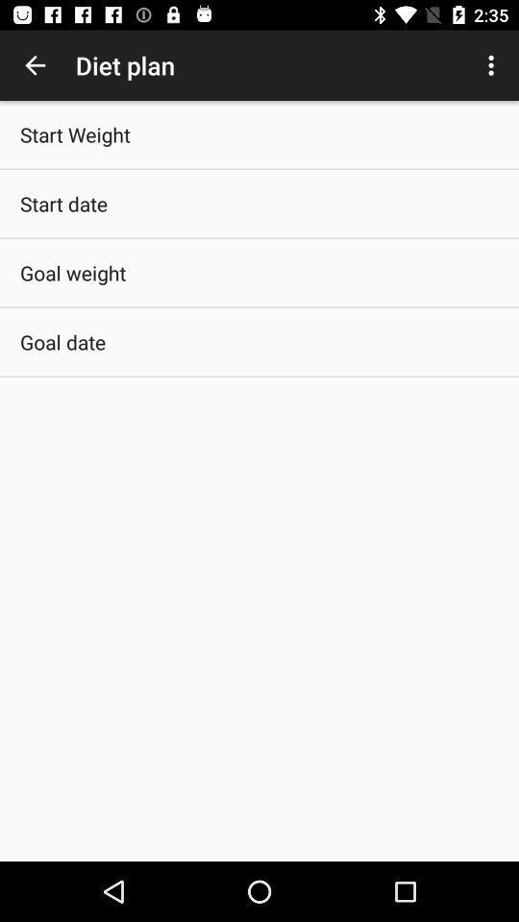 This screenshot has width=519, height=922. Describe the element at coordinates (72, 272) in the screenshot. I see `goal weight app` at that location.